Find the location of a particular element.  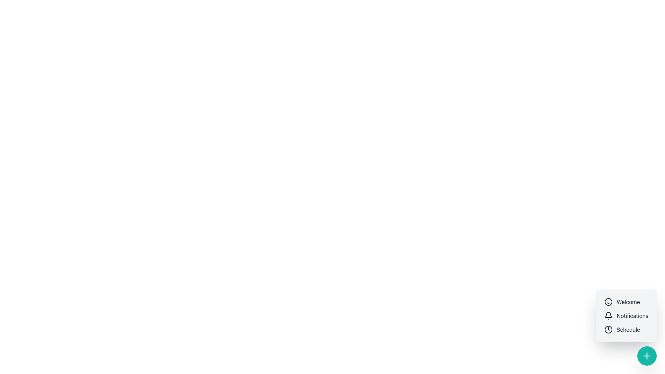

the plus sign icon within the teal circular button located at the bottom-right corner of the interface is located at coordinates (646, 356).